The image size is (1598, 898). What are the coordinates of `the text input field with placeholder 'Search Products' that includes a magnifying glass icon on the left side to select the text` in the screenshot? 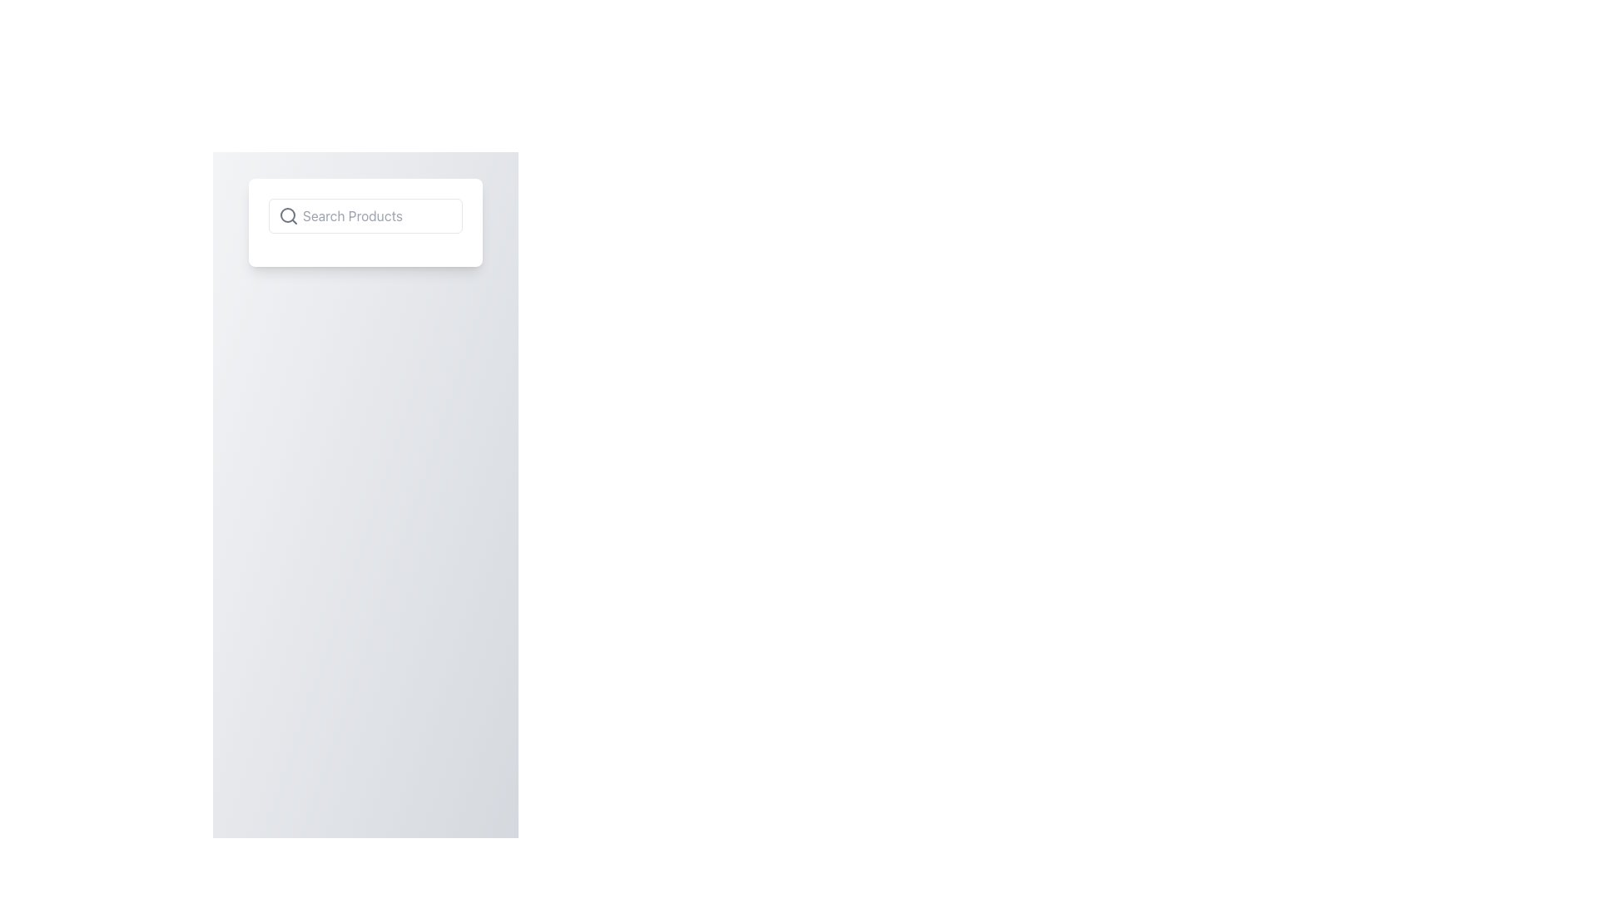 It's located at (365, 215).